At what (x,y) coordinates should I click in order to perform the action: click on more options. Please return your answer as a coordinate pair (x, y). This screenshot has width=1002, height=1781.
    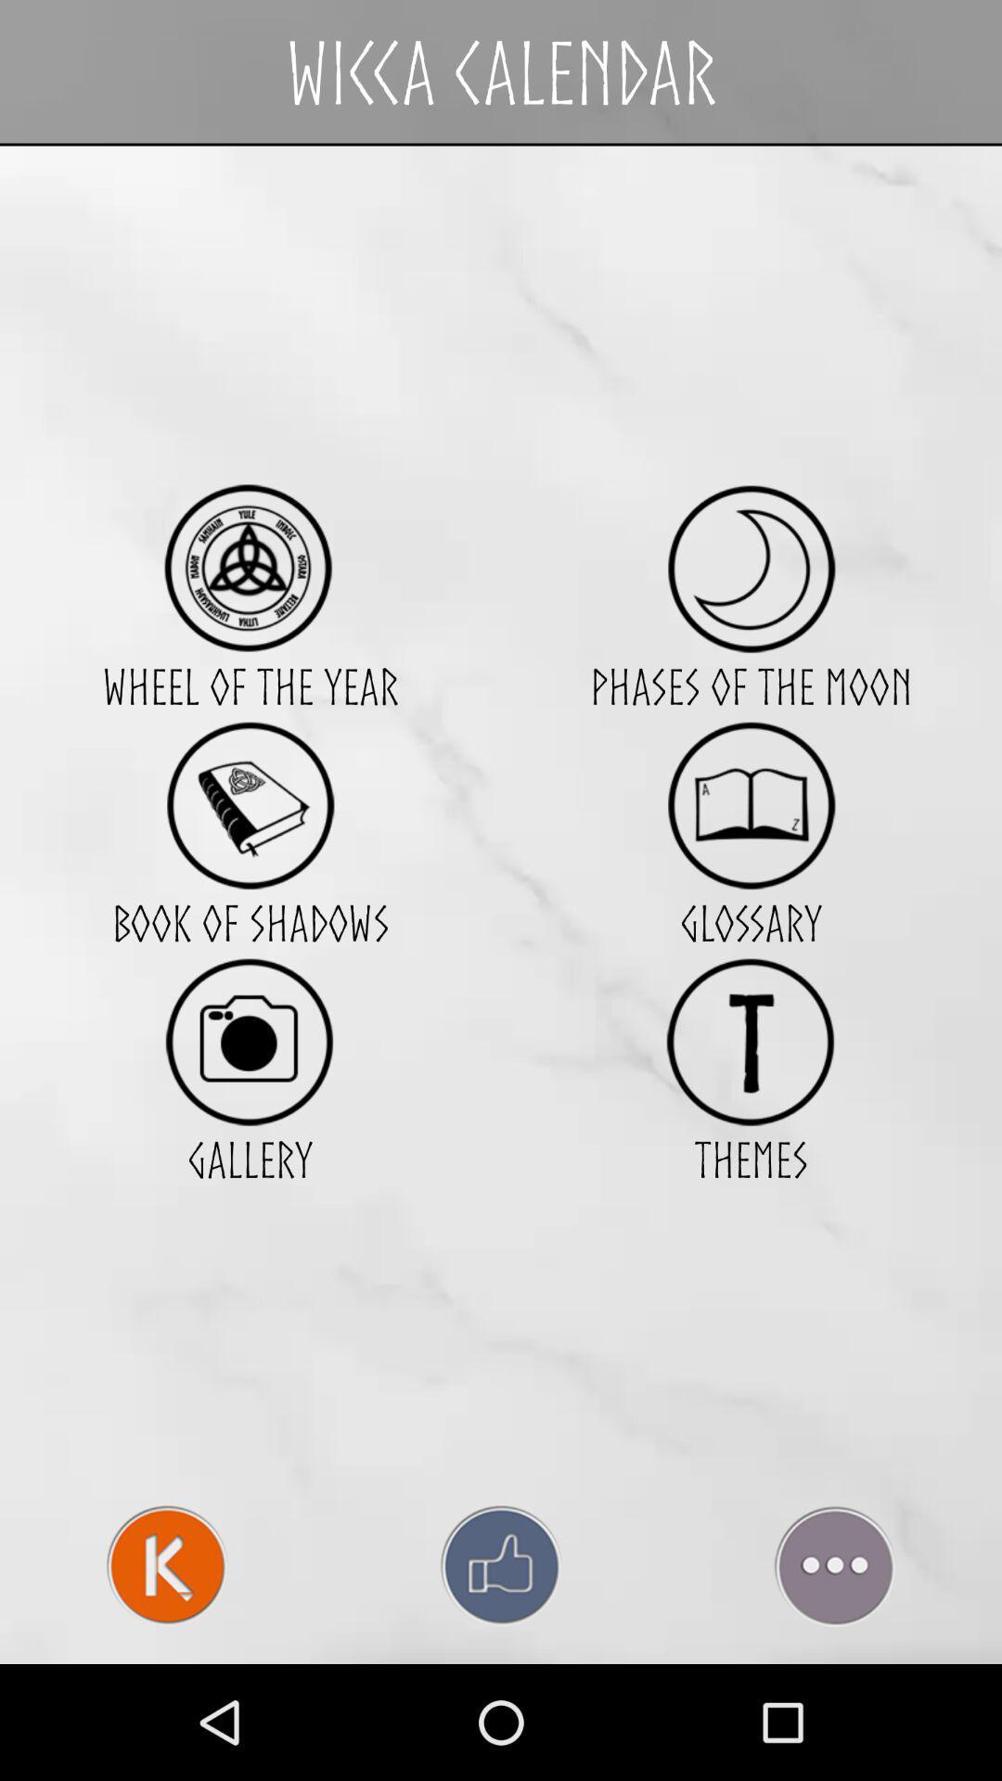
    Looking at the image, I should click on (833, 1565).